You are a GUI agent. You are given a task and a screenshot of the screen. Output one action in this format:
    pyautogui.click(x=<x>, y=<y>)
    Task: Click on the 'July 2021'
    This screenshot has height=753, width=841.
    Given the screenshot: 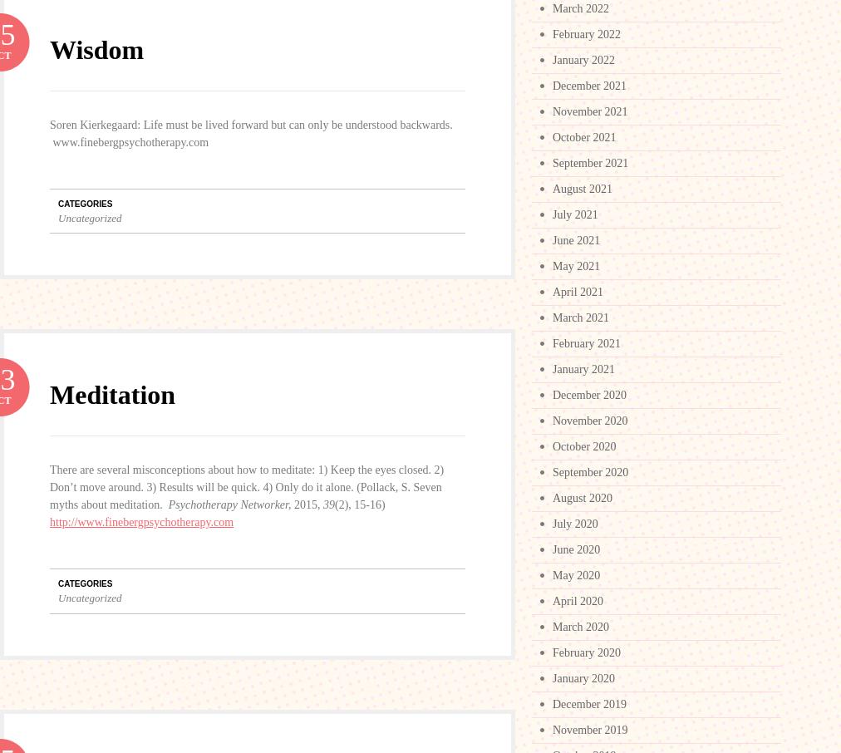 What is the action you would take?
    pyautogui.click(x=575, y=214)
    